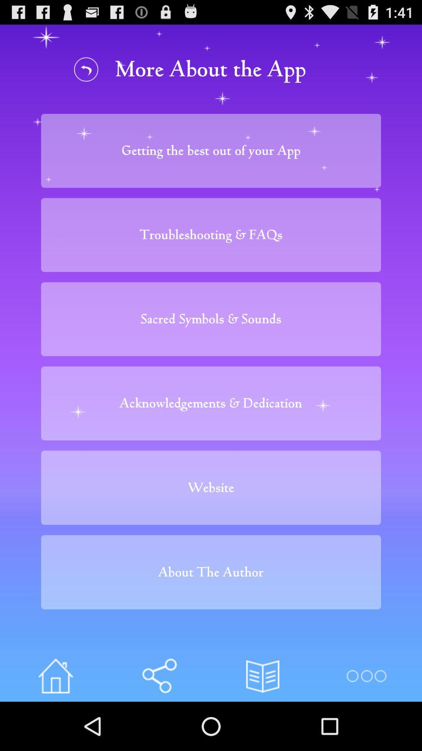 The height and width of the screenshot is (751, 422). I want to click on go back, so click(86, 69).